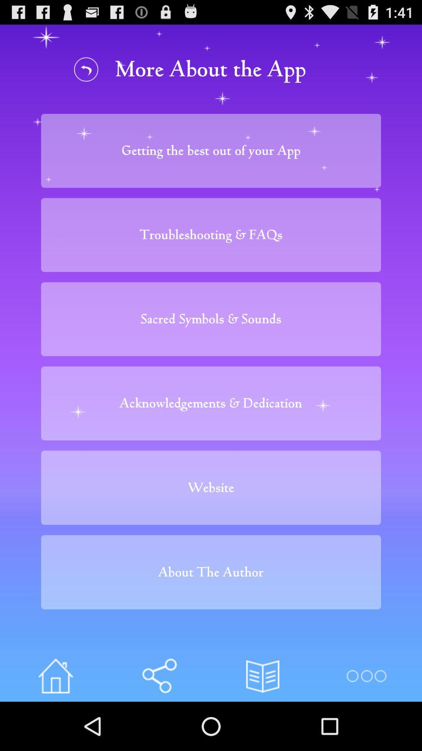 The height and width of the screenshot is (751, 422). I want to click on go back, so click(86, 69).